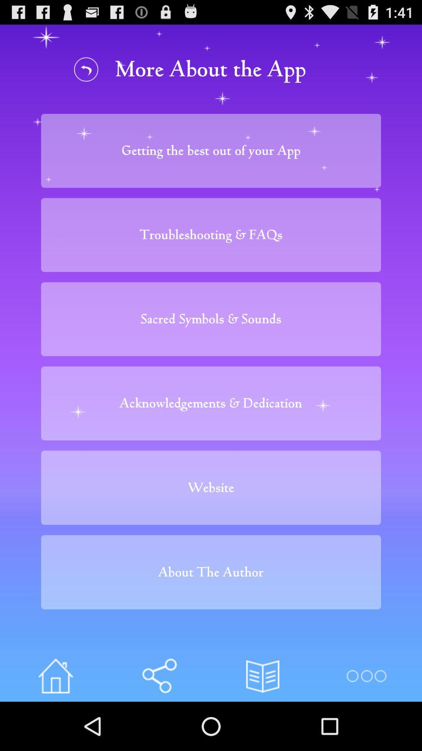 The height and width of the screenshot is (751, 422). I want to click on go back, so click(86, 69).